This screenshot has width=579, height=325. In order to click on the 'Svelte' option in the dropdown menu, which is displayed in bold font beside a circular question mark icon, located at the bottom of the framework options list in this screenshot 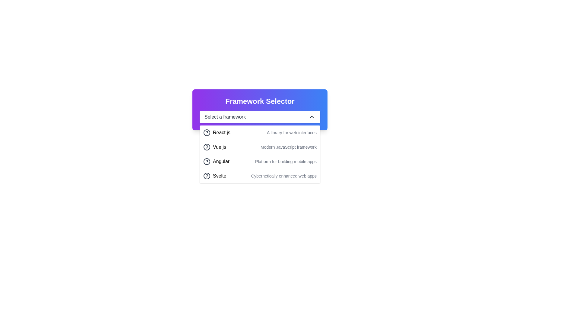, I will do `click(215, 176)`.